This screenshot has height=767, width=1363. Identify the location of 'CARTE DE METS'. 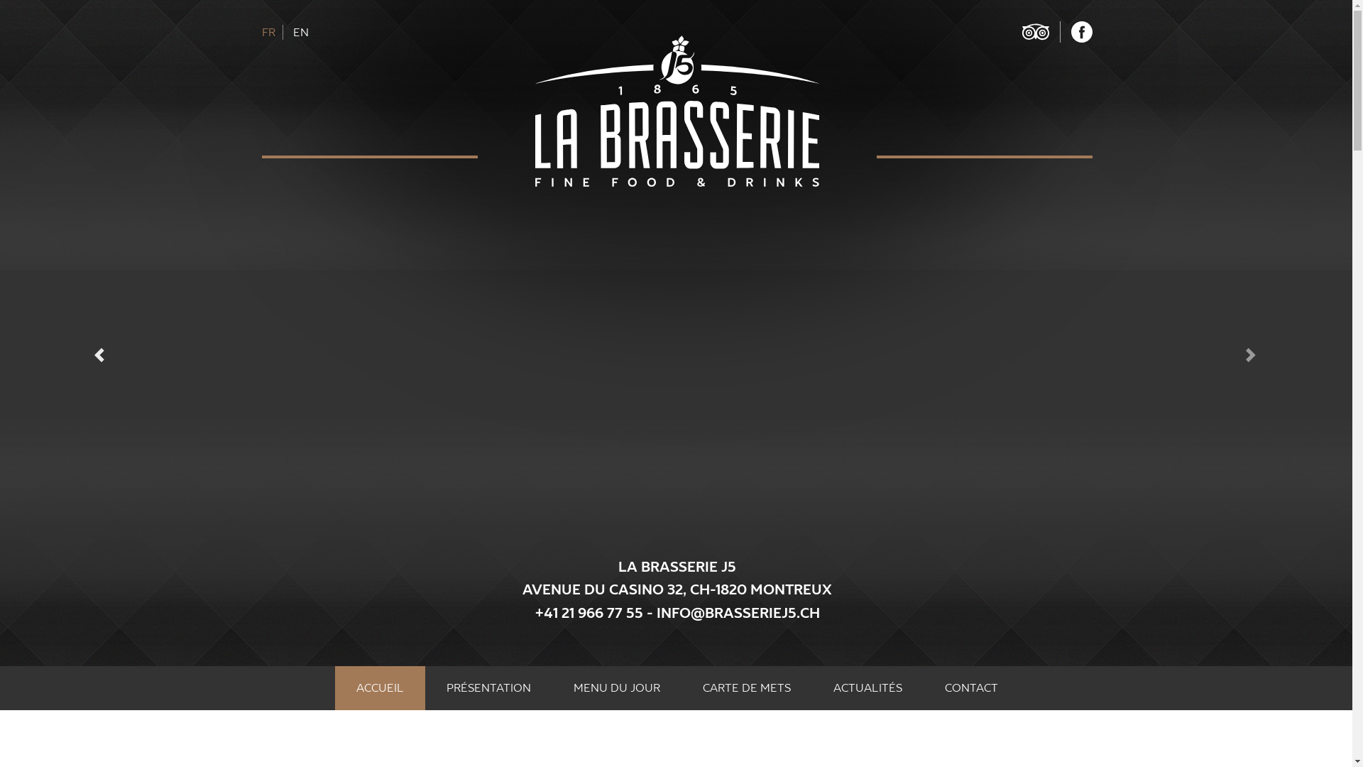
(681, 687).